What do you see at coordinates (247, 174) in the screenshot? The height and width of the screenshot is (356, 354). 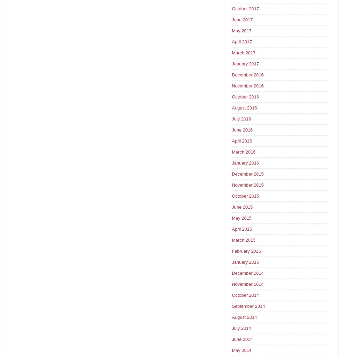 I see `'December 2015'` at bounding box center [247, 174].